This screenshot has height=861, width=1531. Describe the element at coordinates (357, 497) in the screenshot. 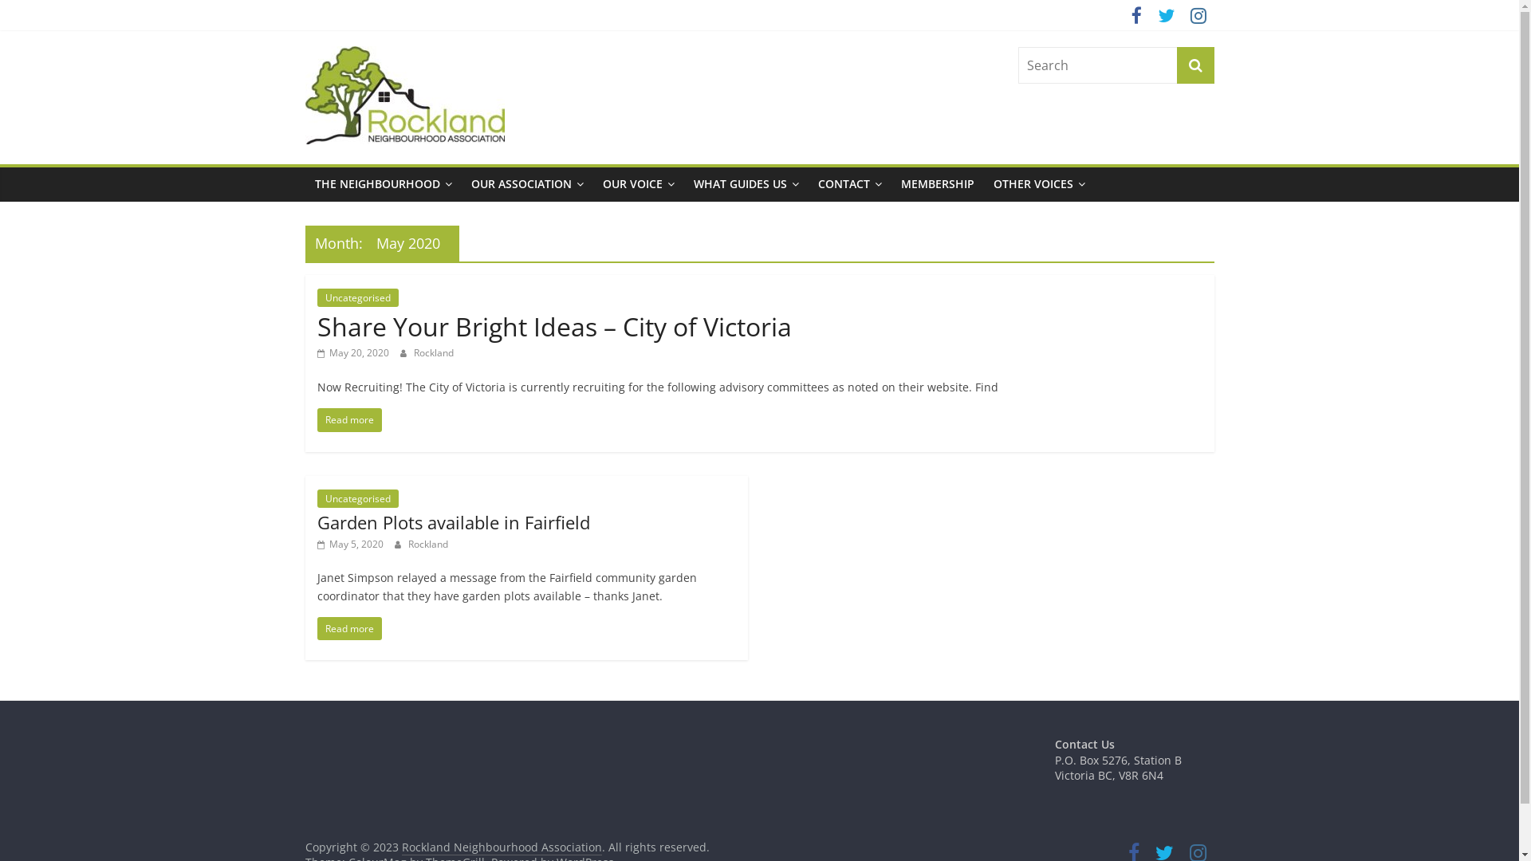

I see `'Uncategorised'` at that location.